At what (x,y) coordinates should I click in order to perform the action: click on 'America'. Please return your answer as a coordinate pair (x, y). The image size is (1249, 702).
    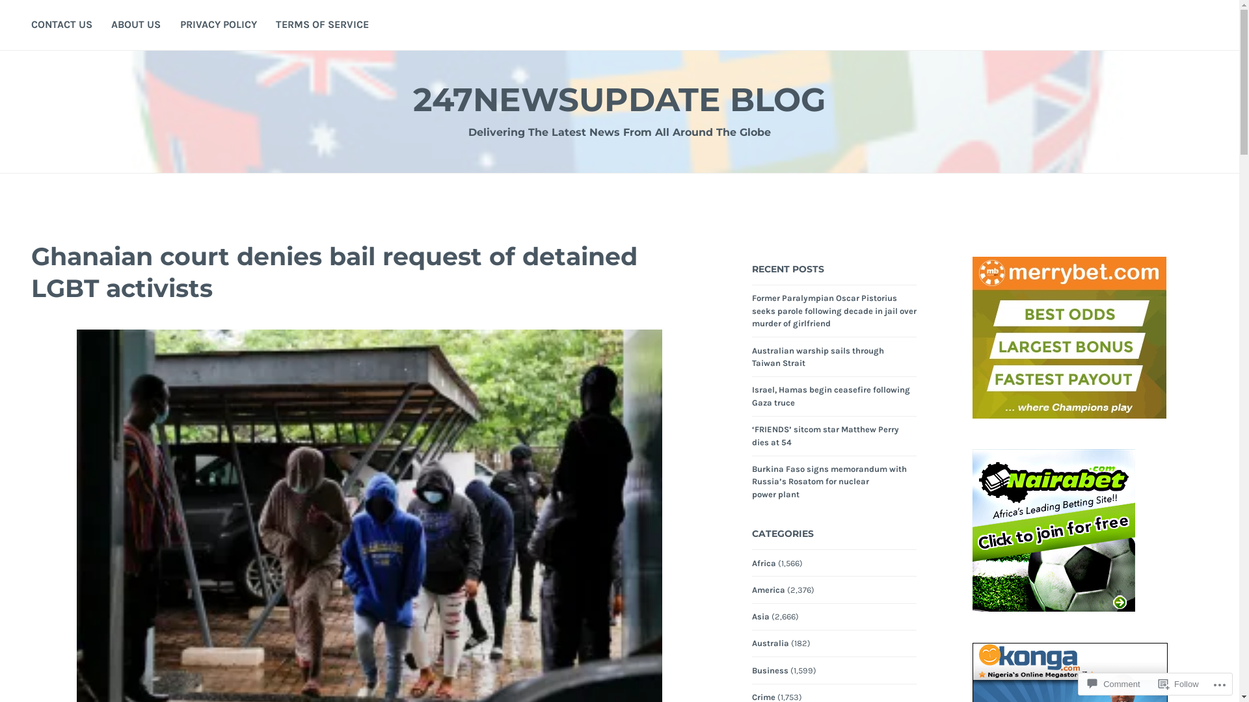
    Looking at the image, I should click on (768, 590).